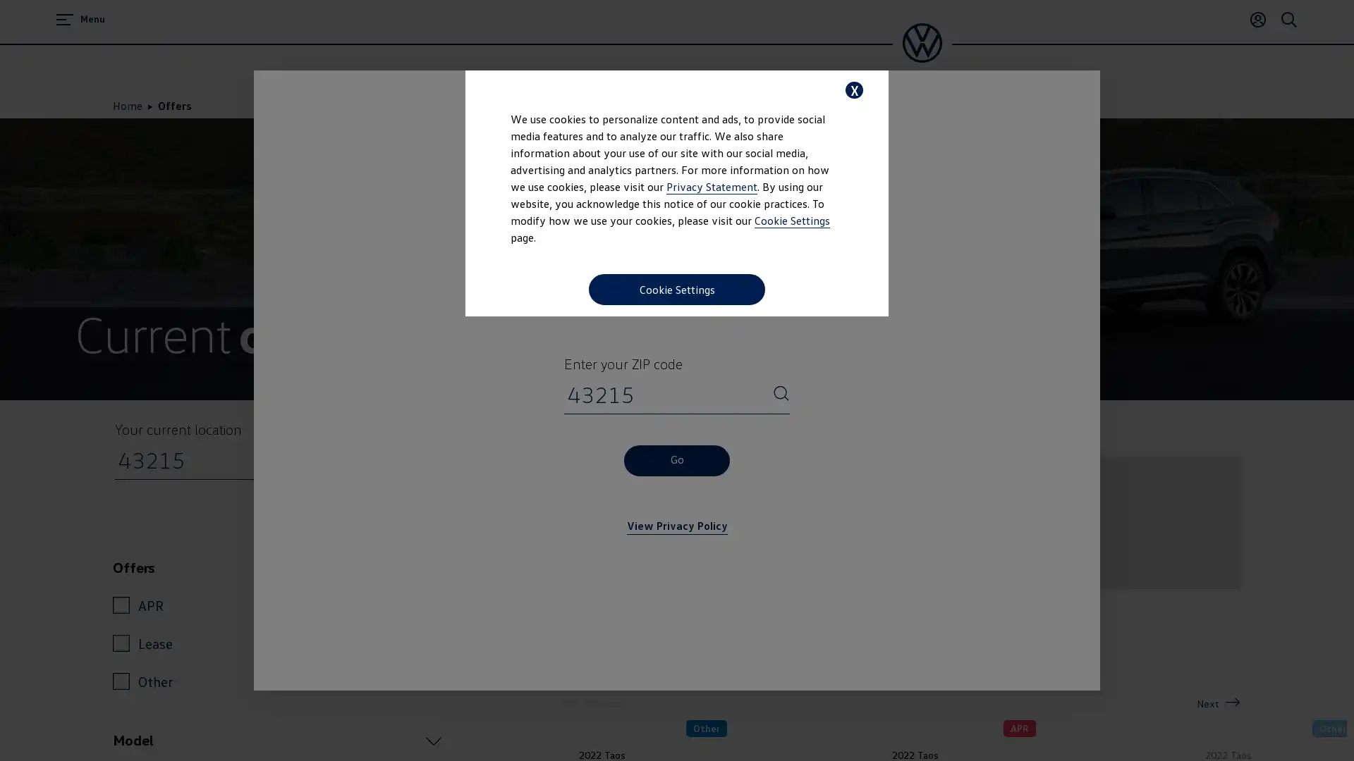 This screenshot has width=1354, height=761. Describe the element at coordinates (80, 19) in the screenshot. I see `Menu` at that location.